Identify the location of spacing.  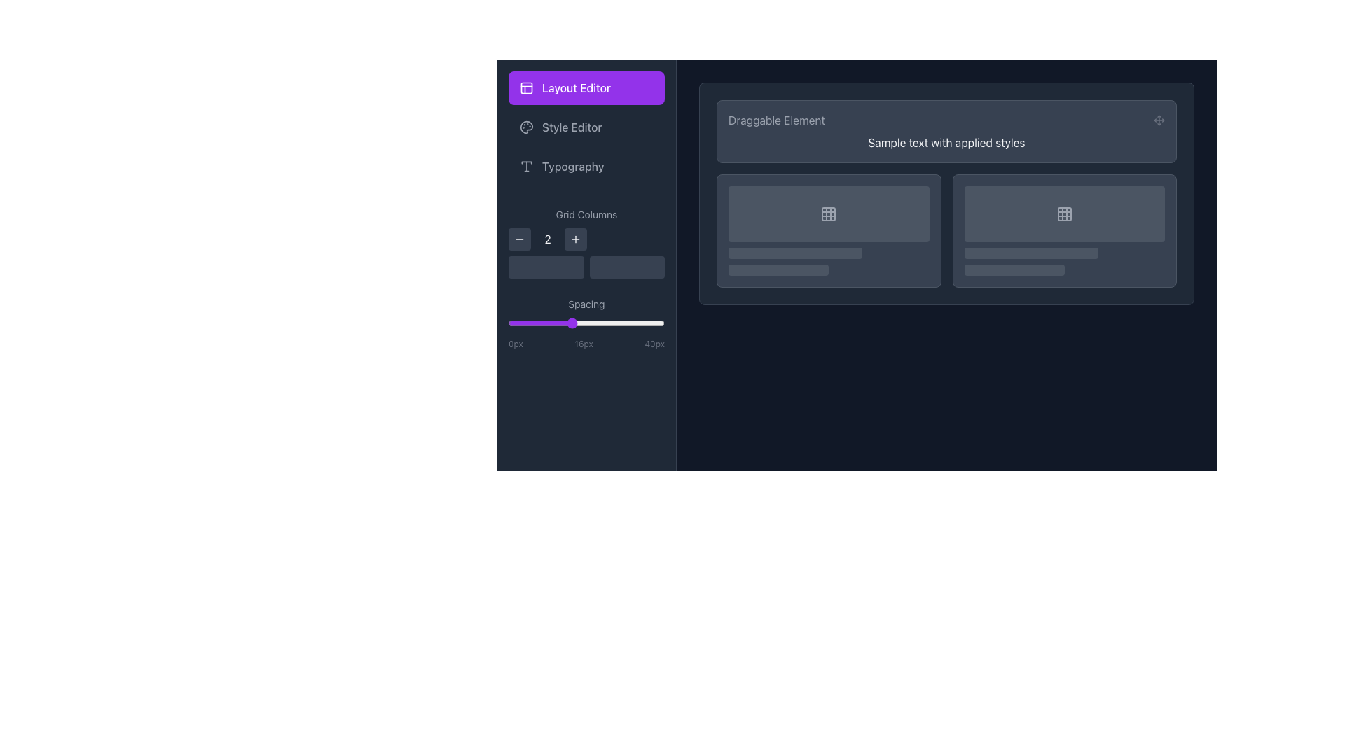
(586, 323).